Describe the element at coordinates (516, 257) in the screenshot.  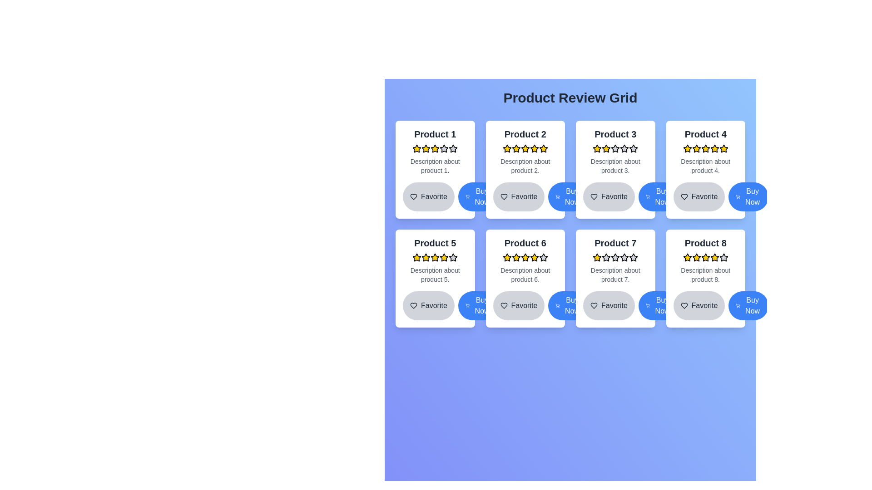
I see `the third yellow-filled star icon in the rating section for 'Product 6'` at that location.